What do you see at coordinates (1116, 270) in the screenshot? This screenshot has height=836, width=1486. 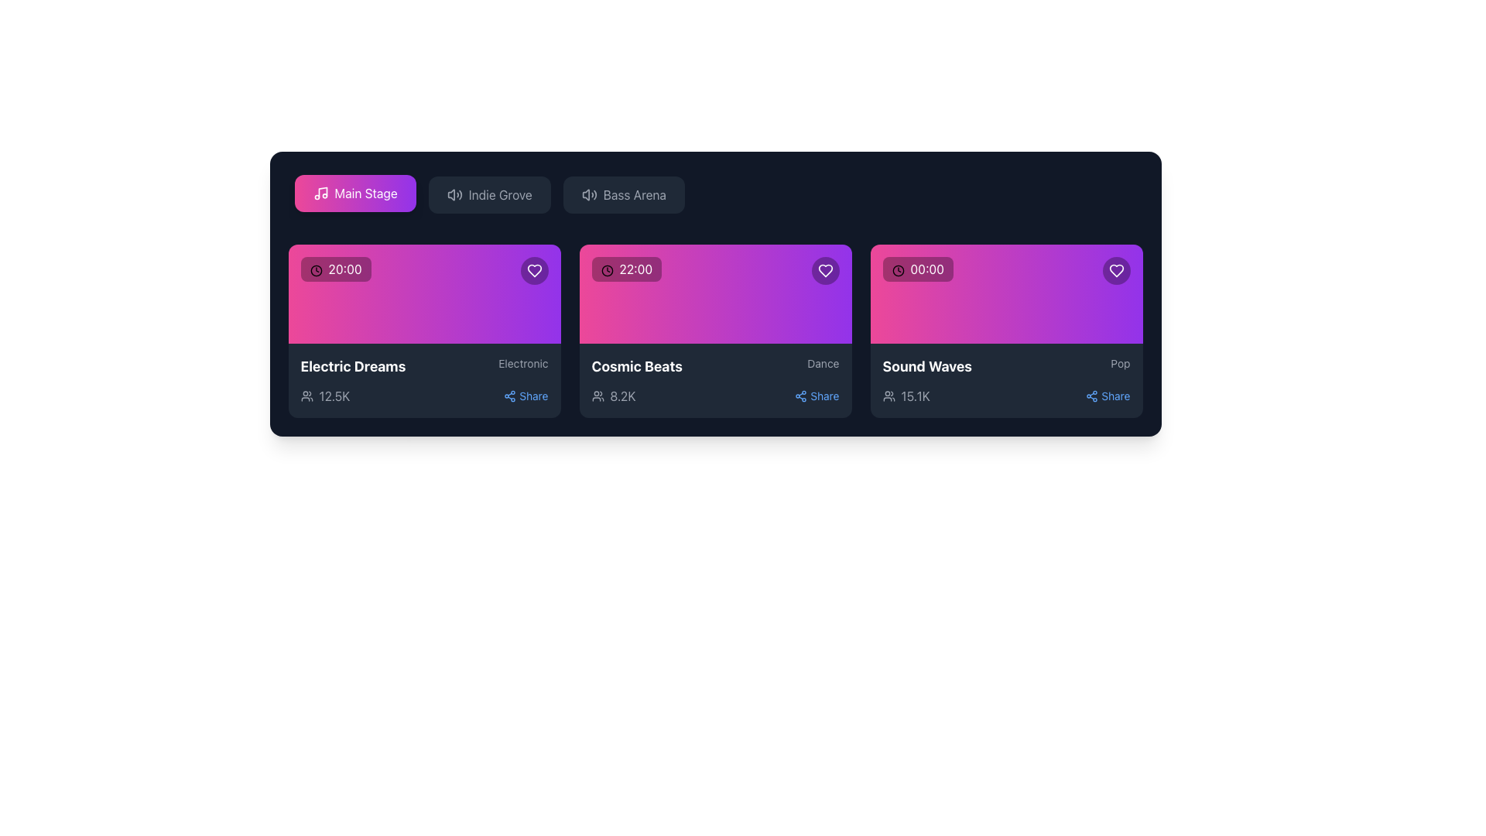 I see `the favorite button located in the top-right corner of the last card, which is indicated by a heart icon, to mark the associated content as a favorite` at bounding box center [1116, 270].